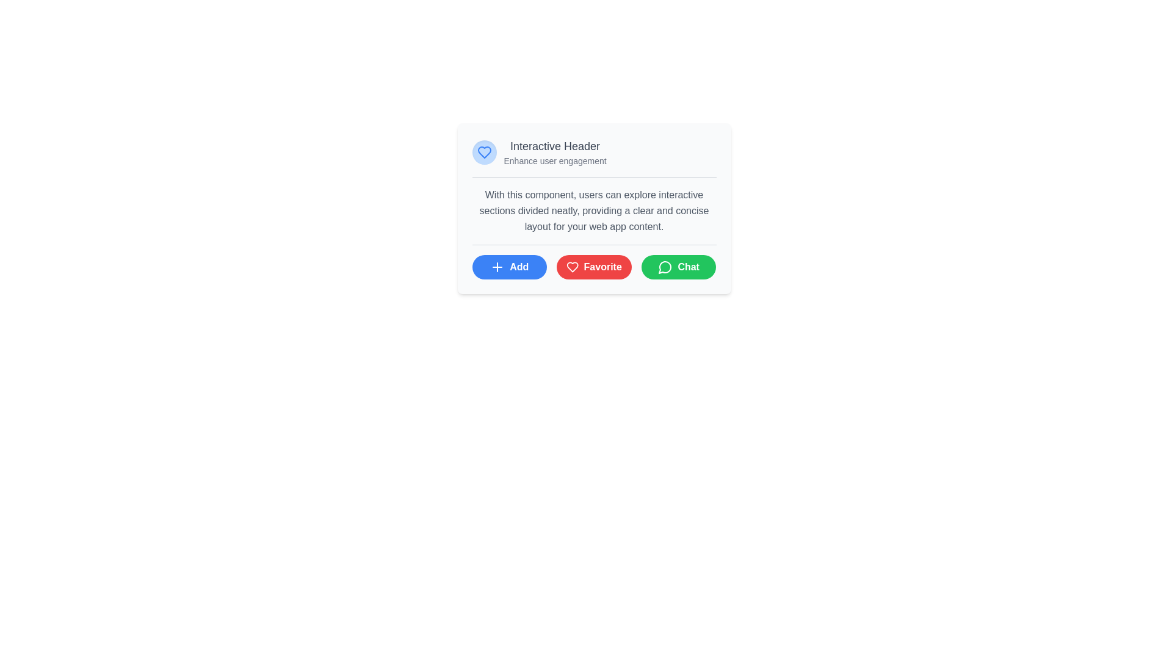  I want to click on the rounded green button labeled 'Chat' with a speech bubble icon to trigger its interactivity effects, so click(678, 267).